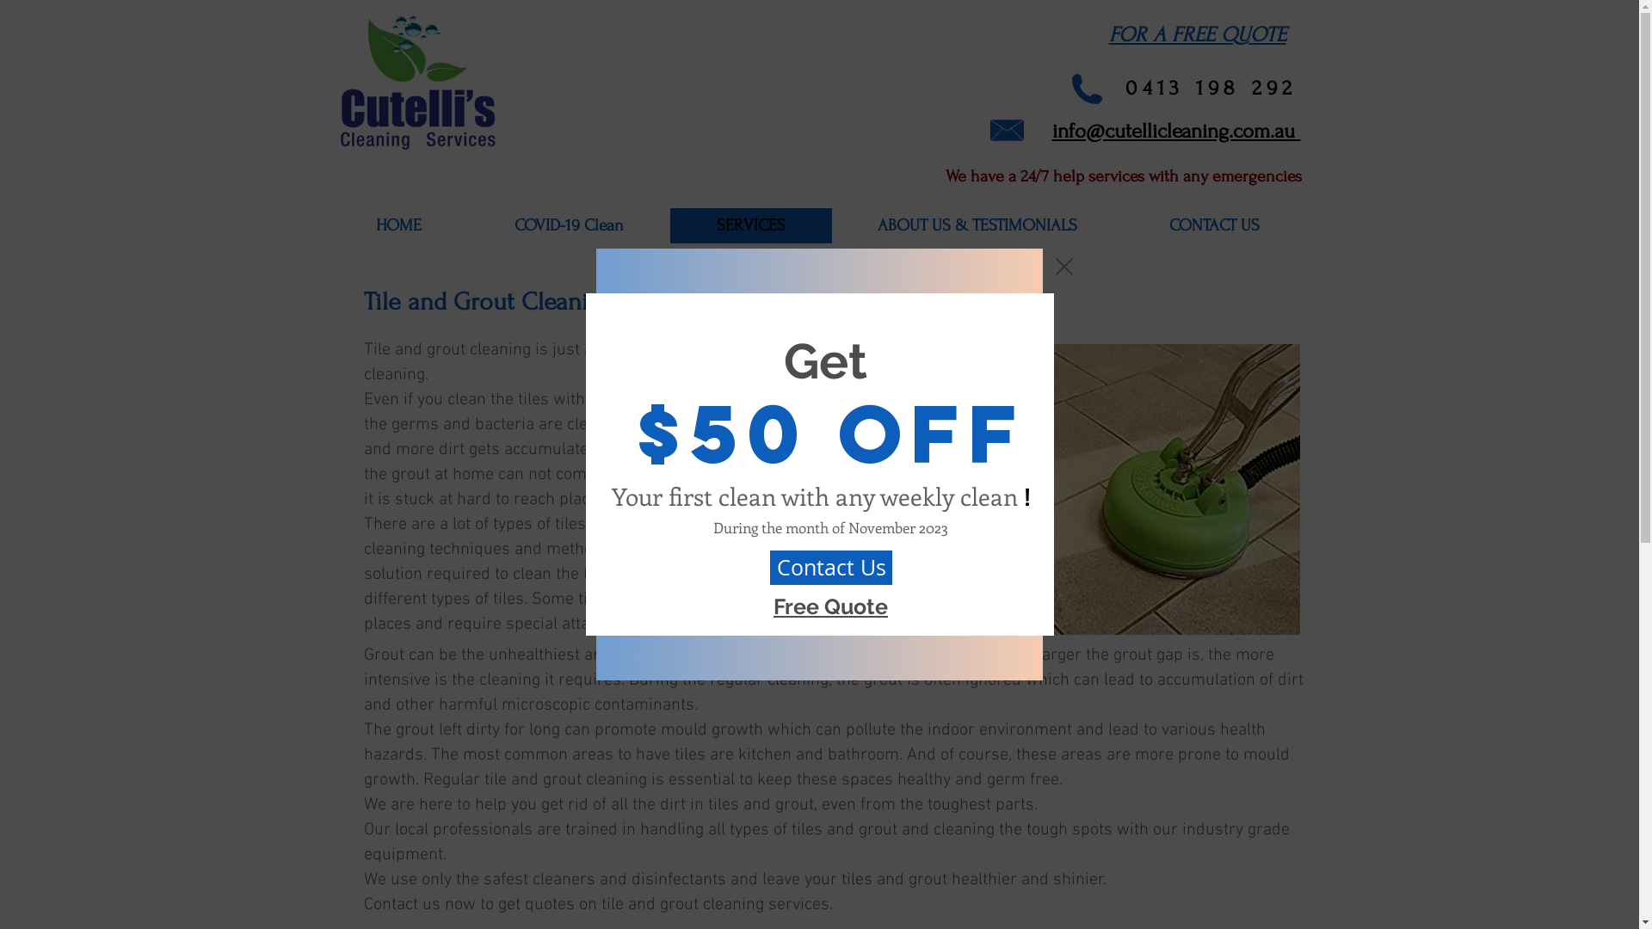 The width and height of the screenshot is (1652, 929). What do you see at coordinates (1055, 266) in the screenshot?
I see `'Back to site'` at bounding box center [1055, 266].